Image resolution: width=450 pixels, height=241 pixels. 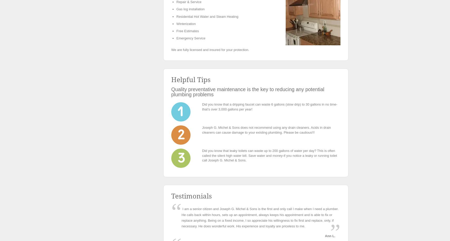 What do you see at coordinates (266, 130) in the screenshot?
I see `'Joseph G. Michel & Sons does not recommend using any drain cleaners. Acids in drain cleaners can cause damage to your existing plumbing. Please be cautious!!!'` at bounding box center [266, 130].